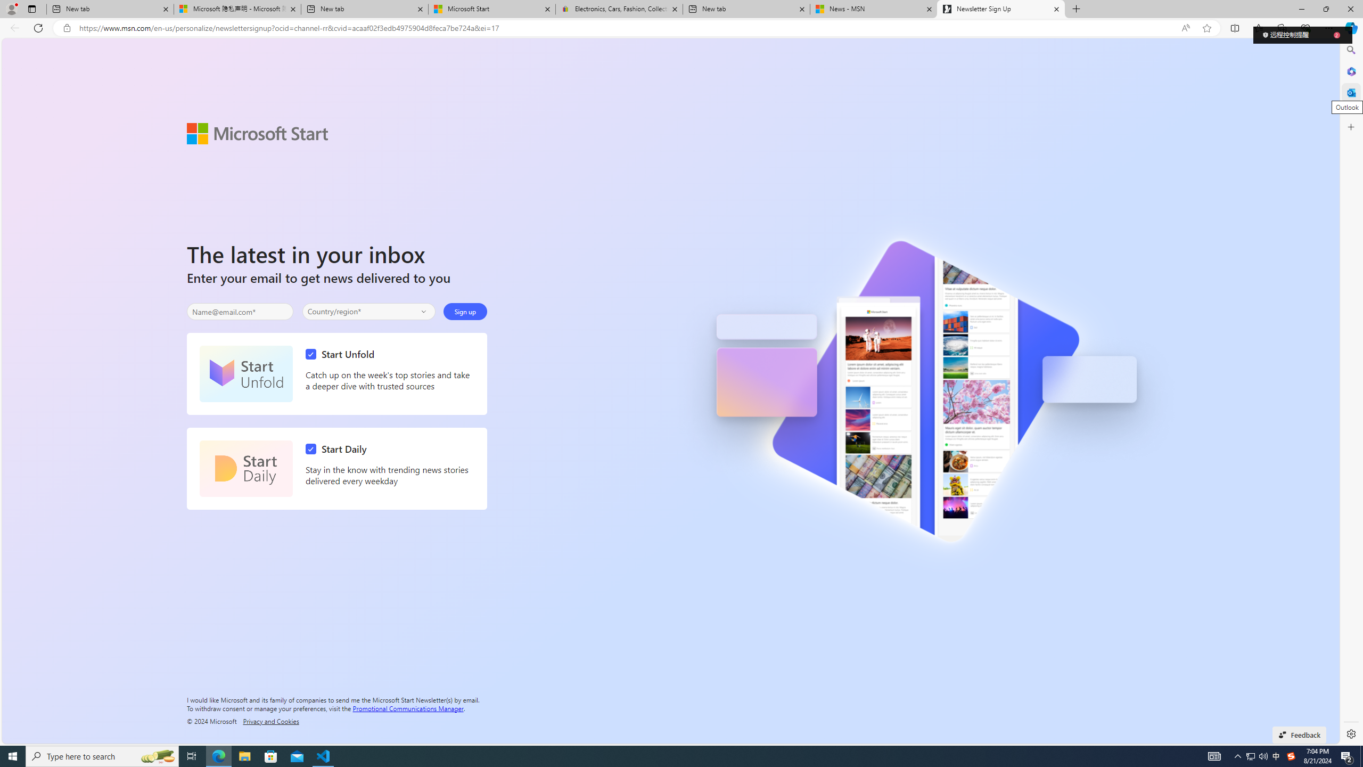 This screenshot has height=767, width=1363. What do you see at coordinates (873, 9) in the screenshot?
I see `'News - MSN'` at bounding box center [873, 9].